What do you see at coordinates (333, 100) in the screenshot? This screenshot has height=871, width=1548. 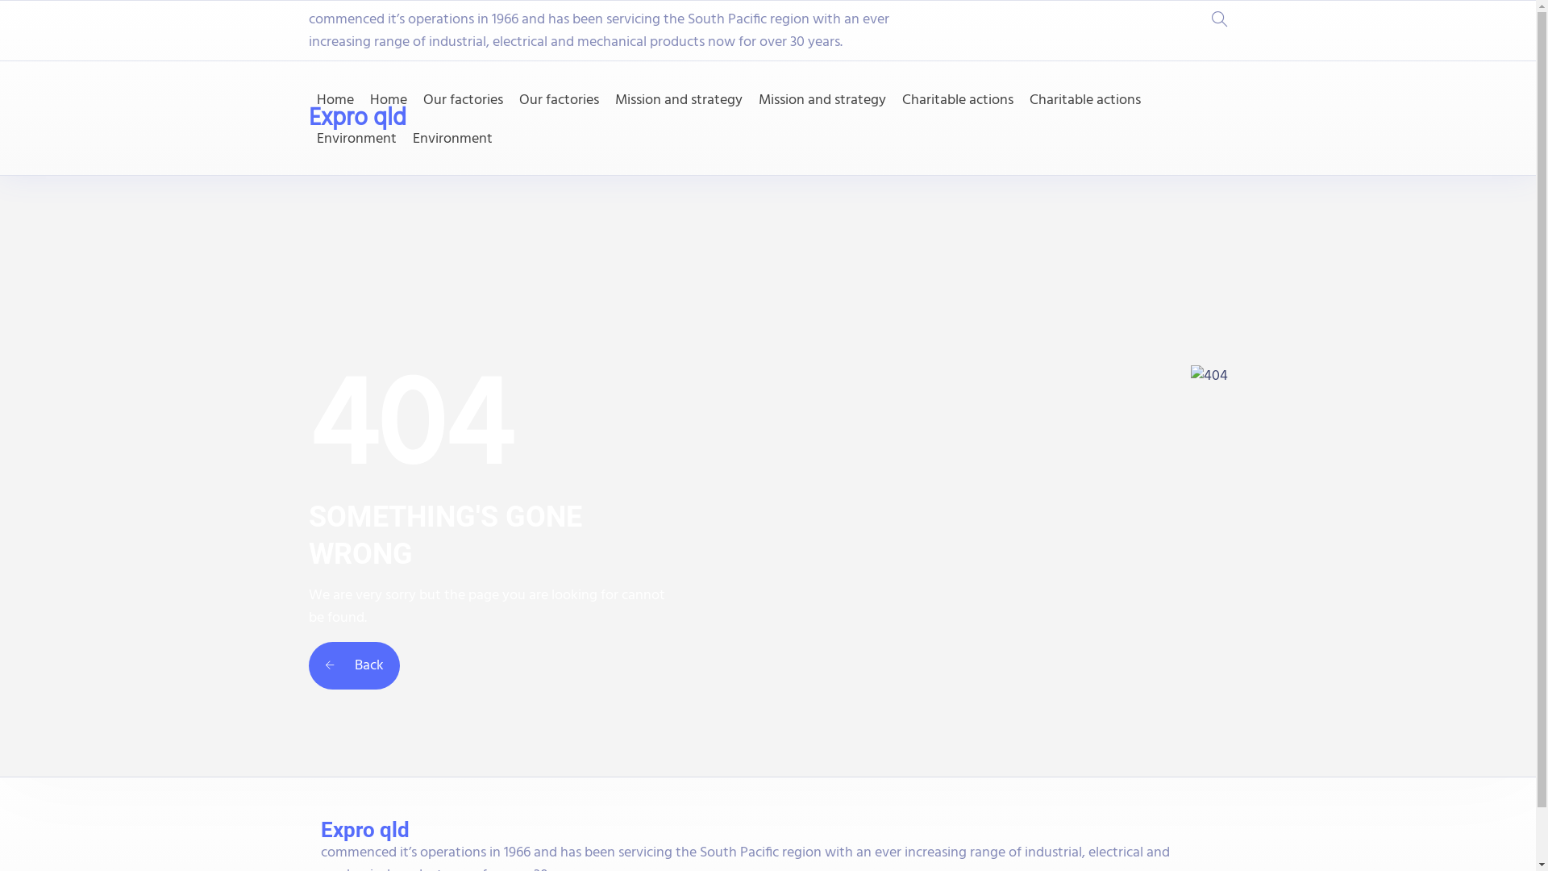 I see `'Home'` at bounding box center [333, 100].